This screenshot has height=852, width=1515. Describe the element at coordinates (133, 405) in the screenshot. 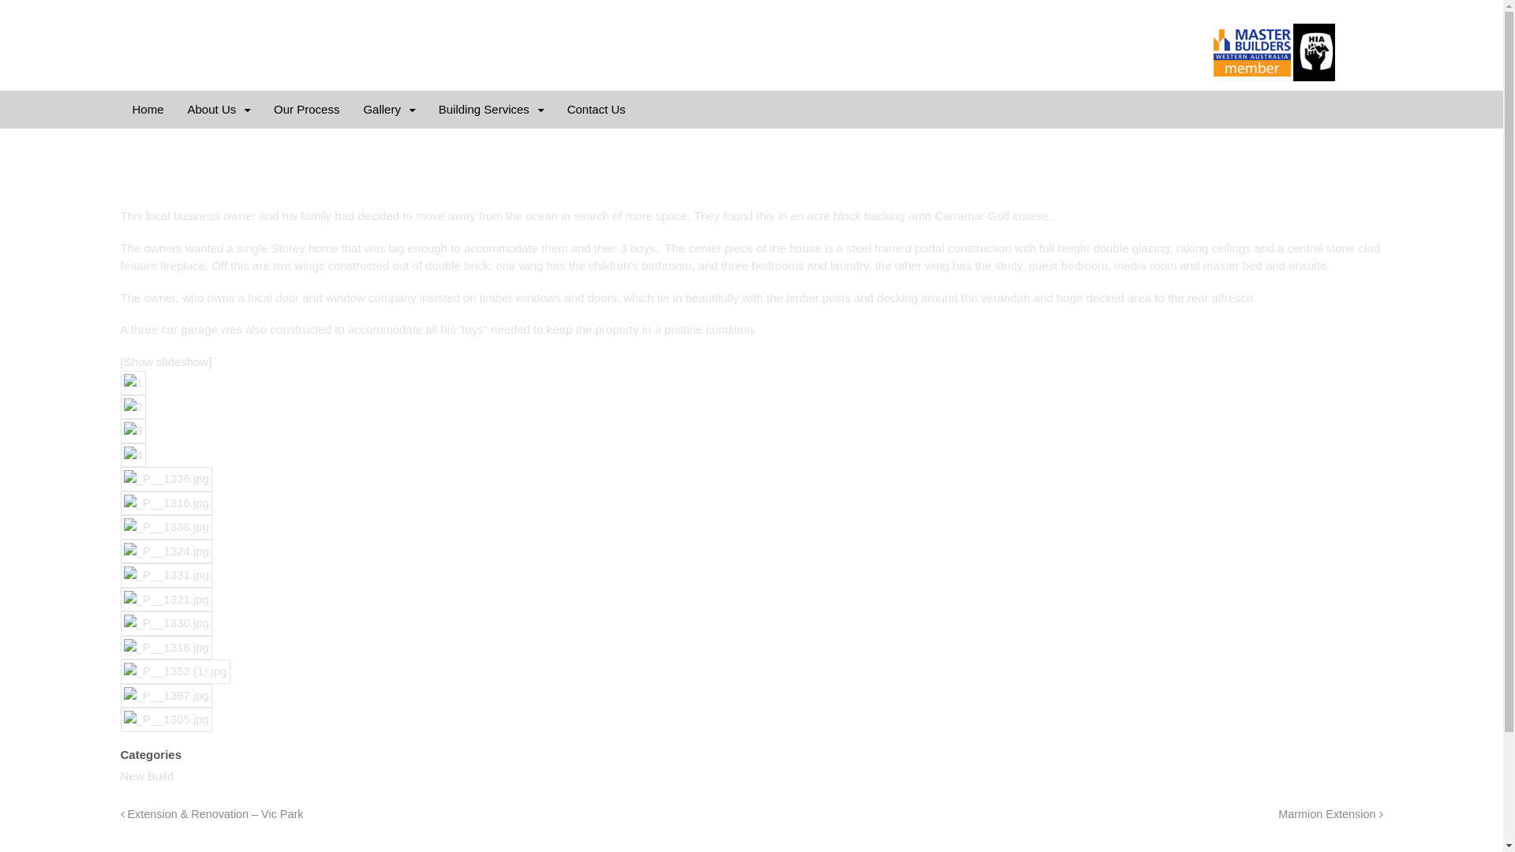

I see `'2'` at that location.